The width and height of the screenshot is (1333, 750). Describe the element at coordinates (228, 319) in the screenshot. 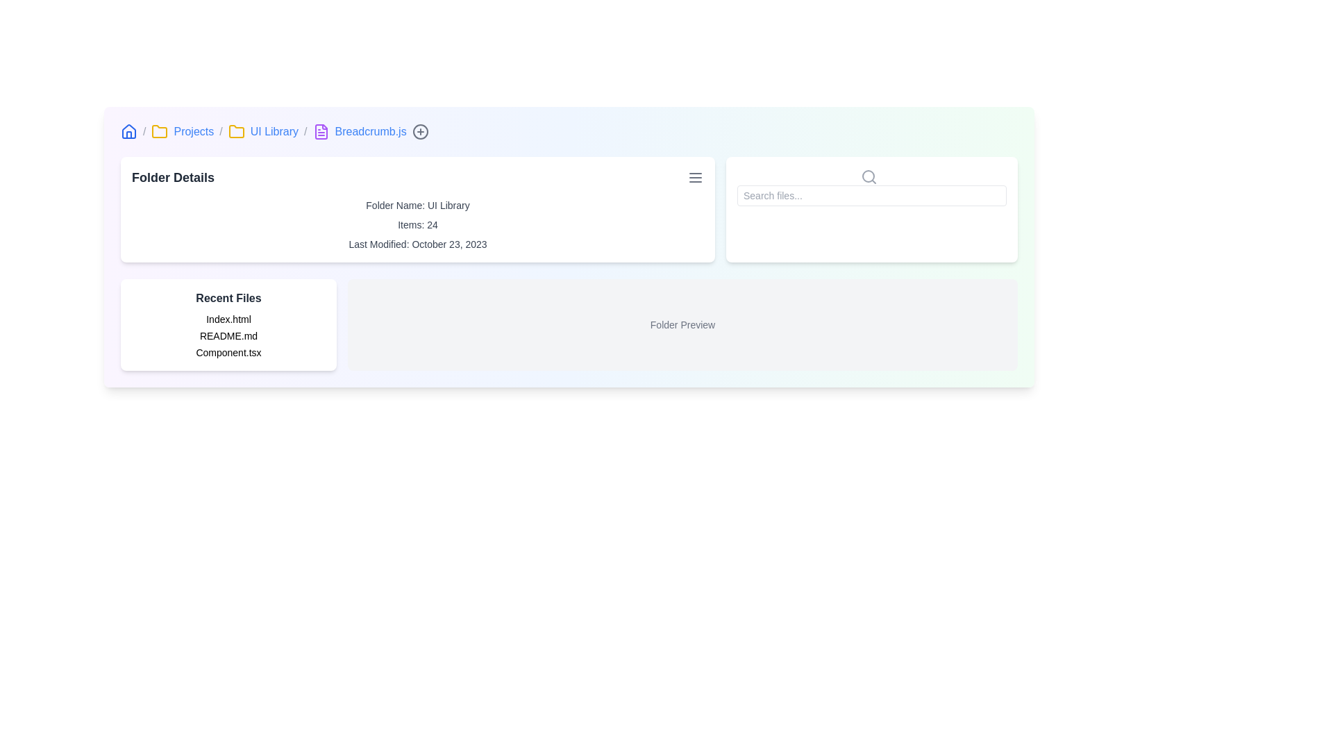

I see `the text label displaying the name of the recently accessed 'Index.html' file` at that location.